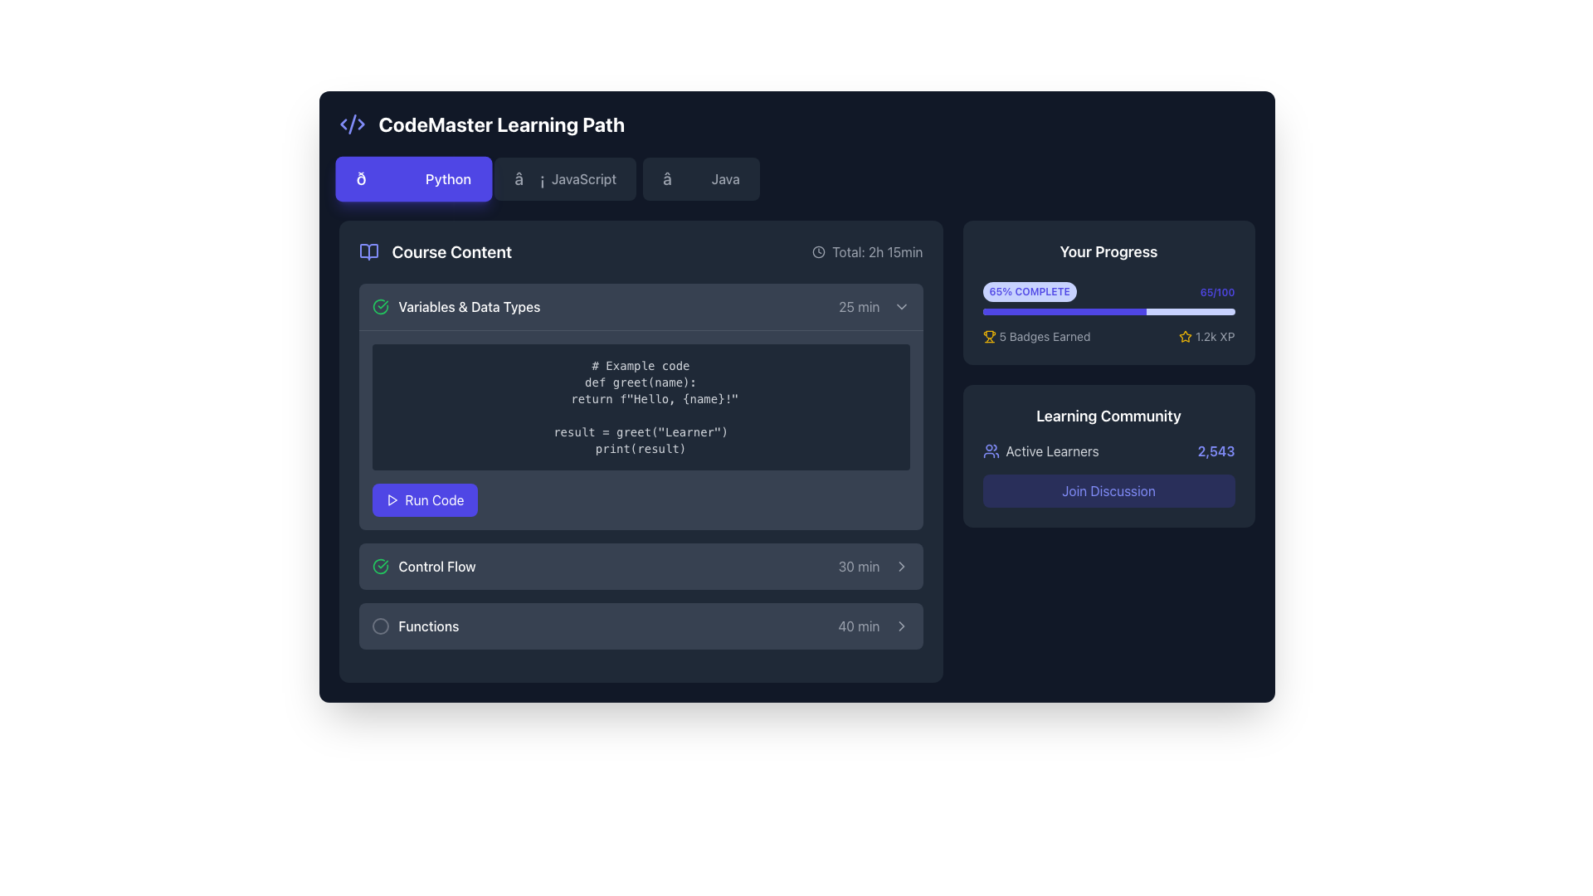 This screenshot has width=1593, height=896. I want to click on the icon representing the 'Run Code' action located to the left of the 'Run Code' label in the 'Variables & Data Types' section of the 'Course Content' card, so click(391, 499).